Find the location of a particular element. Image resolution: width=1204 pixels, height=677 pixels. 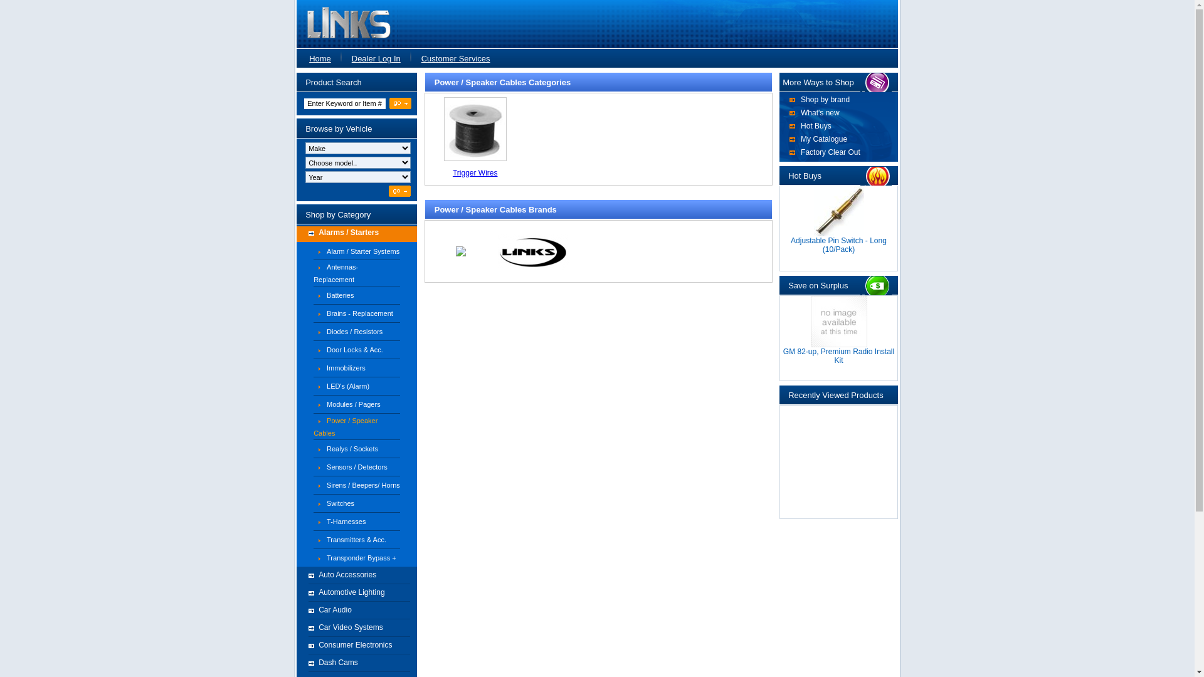

'Switches' is located at coordinates (340, 502).